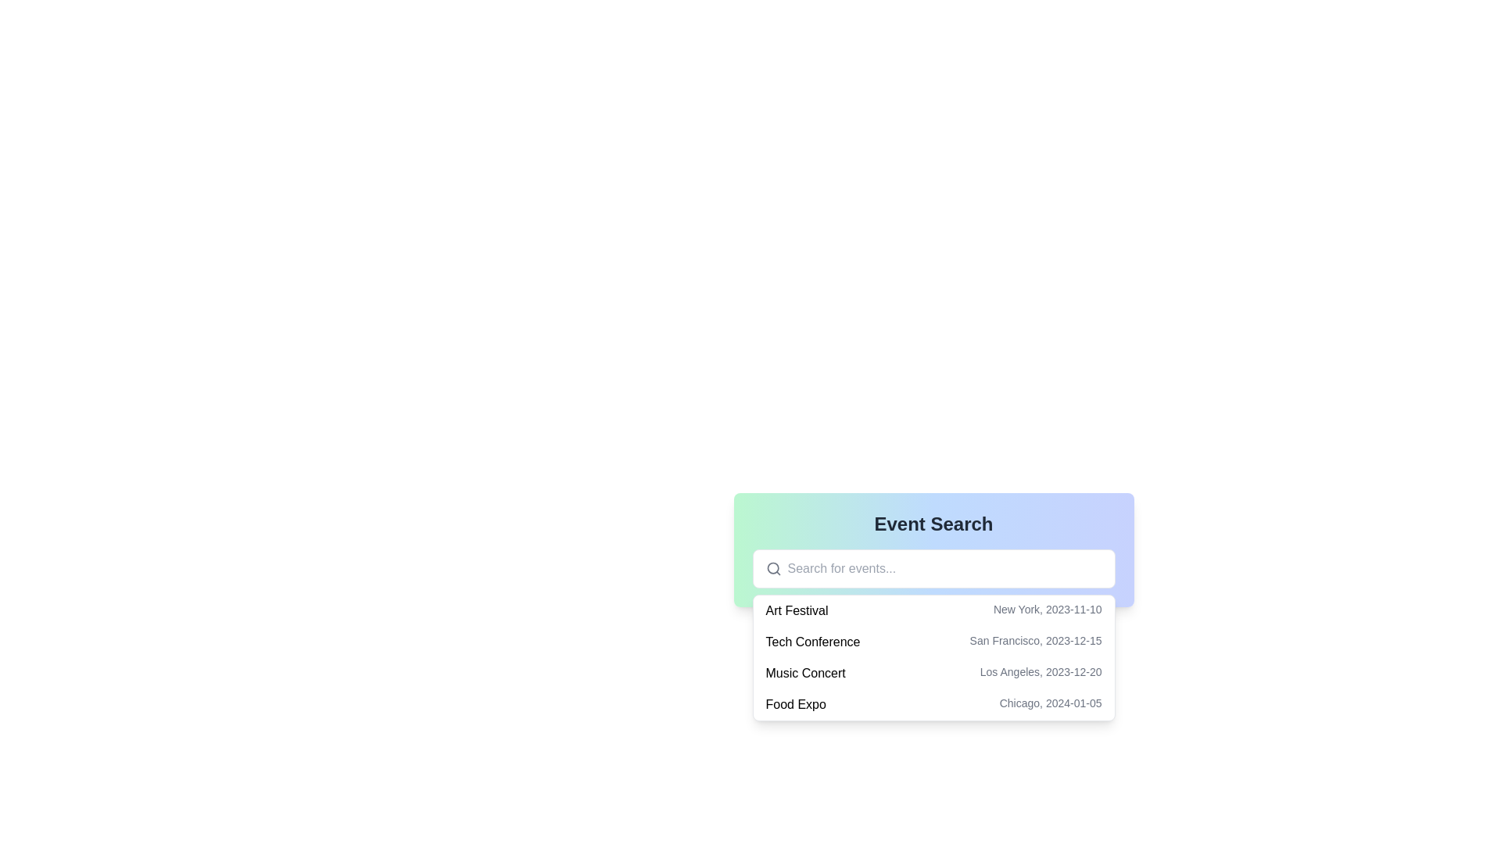 The height and width of the screenshot is (844, 1501). Describe the element at coordinates (933, 672) in the screenshot. I see `the list item for the 'Music Concert' event scheduled in 'Los Angeles' on '2023-12-20', which is the third item in a vertical list within a menu or dropdown interface` at that location.